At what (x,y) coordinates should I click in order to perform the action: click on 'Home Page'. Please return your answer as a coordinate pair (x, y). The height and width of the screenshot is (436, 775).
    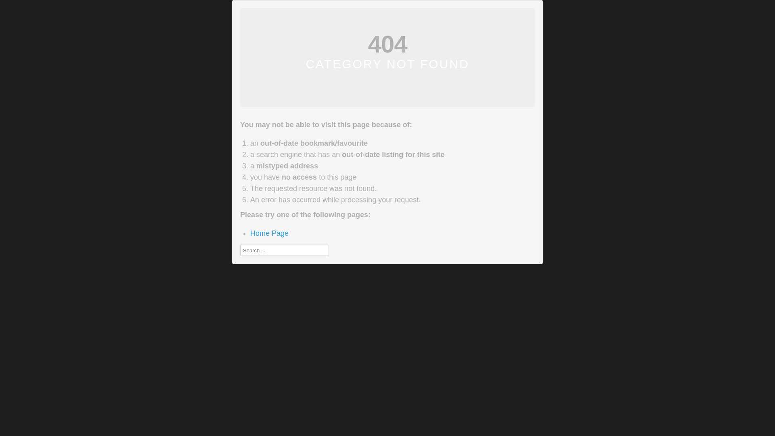
    Looking at the image, I should click on (269, 233).